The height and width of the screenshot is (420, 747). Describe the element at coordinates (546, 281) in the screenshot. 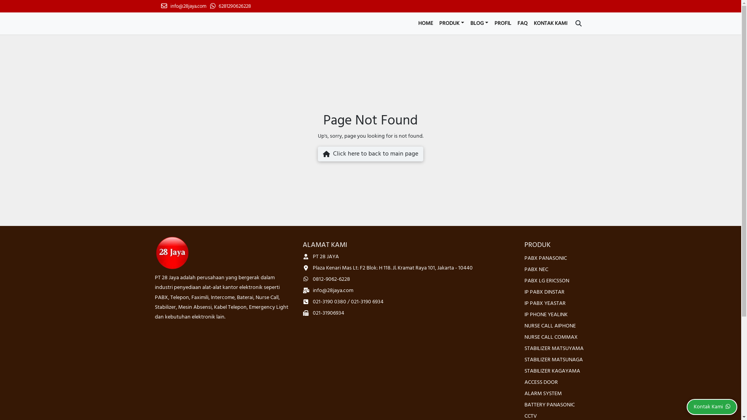

I see `'PABX LG ERICSSON'` at that location.